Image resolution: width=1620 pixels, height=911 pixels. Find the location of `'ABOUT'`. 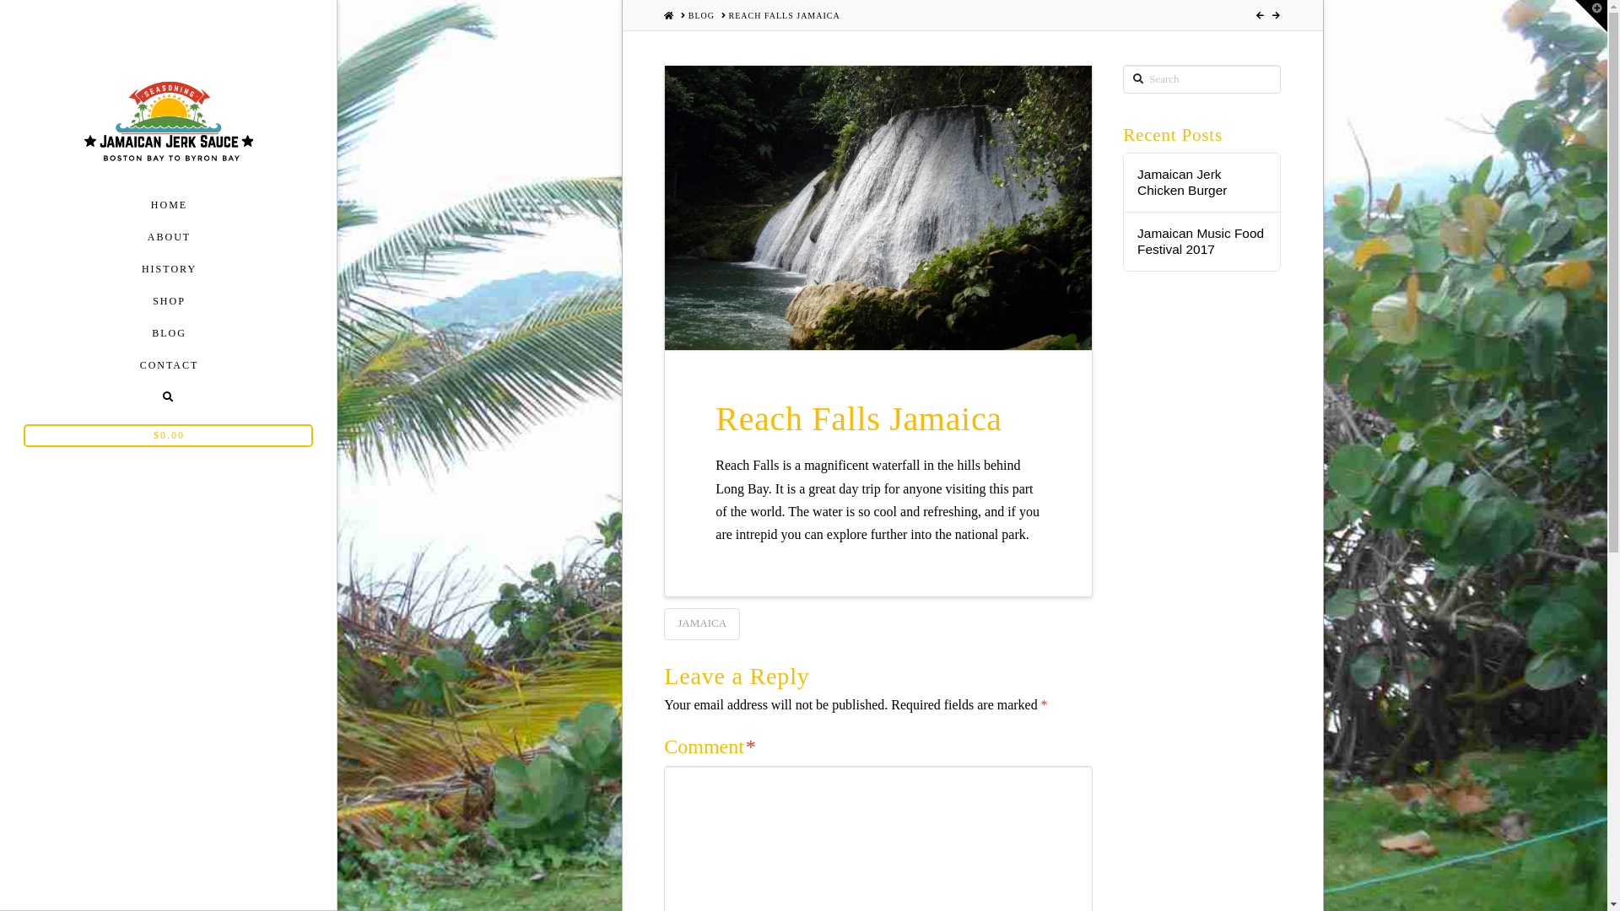

'ABOUT' is located at coordinates (168, 237).